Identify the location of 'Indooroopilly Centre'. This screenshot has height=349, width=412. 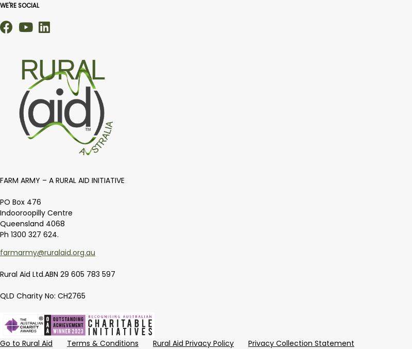
(36, 212).